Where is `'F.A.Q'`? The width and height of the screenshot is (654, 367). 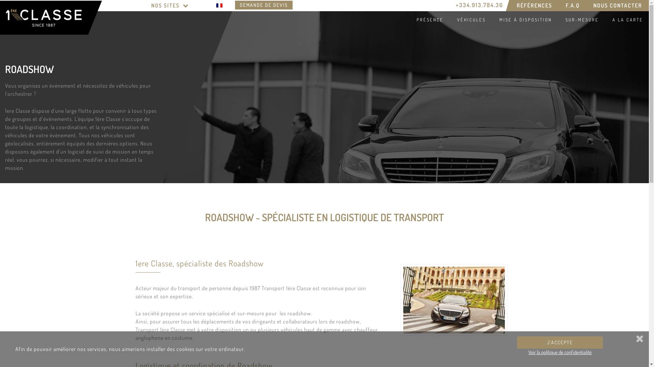 'F.A.Q' is located at coordinates (572, 5).